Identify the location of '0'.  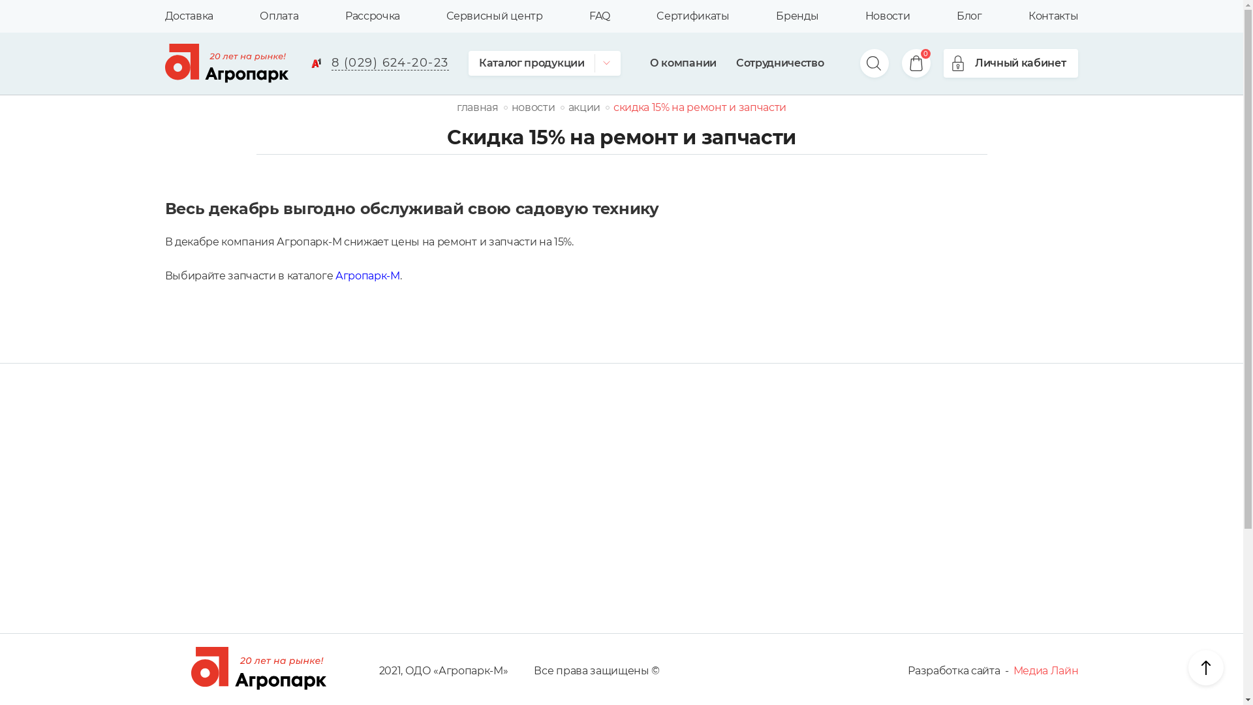
(908, 63).